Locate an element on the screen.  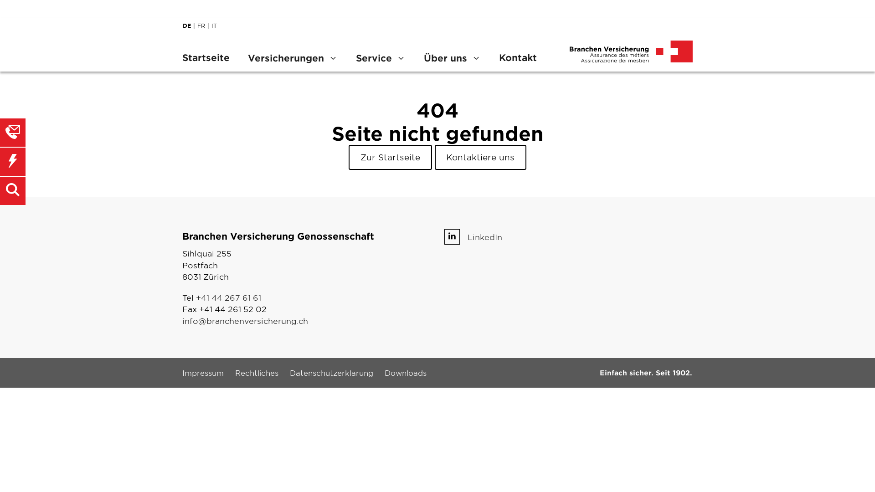
'Downloads' is located at coordinates (405, 372).